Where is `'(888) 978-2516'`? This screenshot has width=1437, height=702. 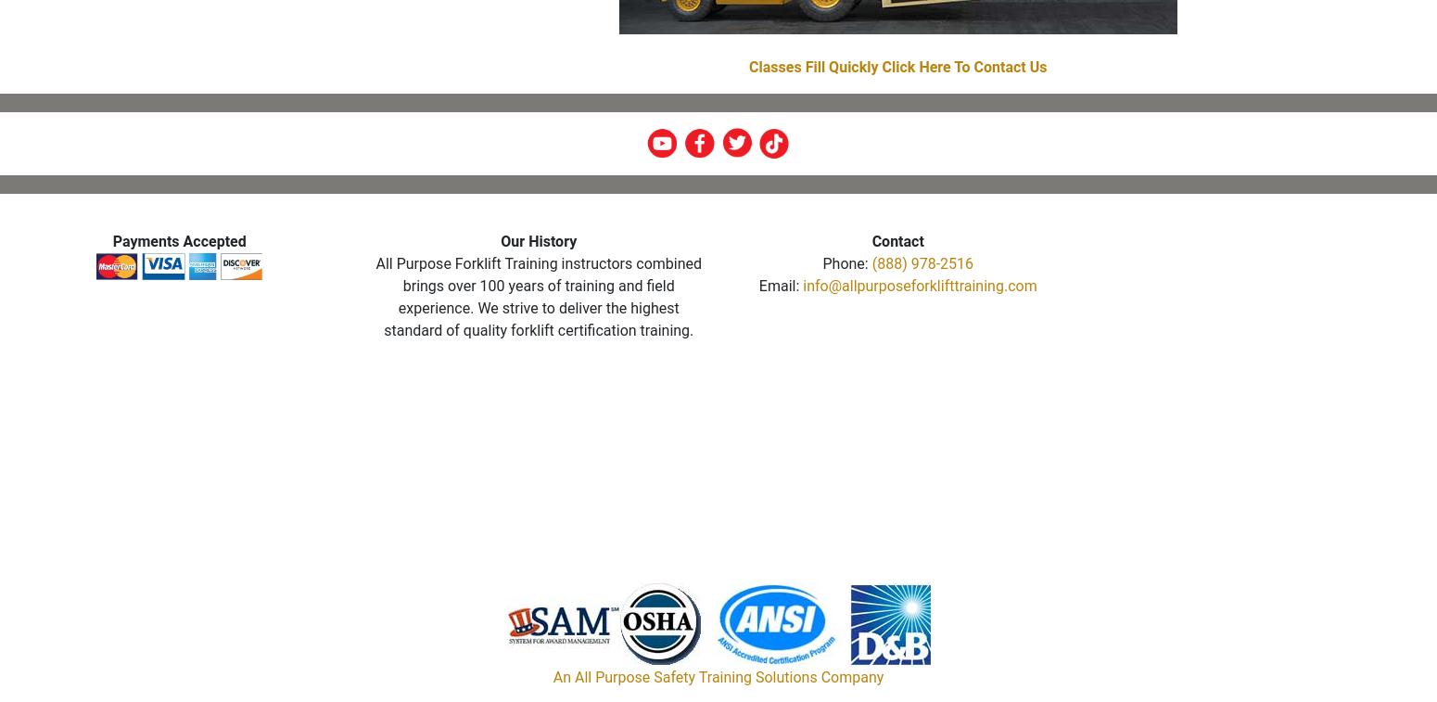
'(888) 978-2516' is located at coordinates (921, 262).